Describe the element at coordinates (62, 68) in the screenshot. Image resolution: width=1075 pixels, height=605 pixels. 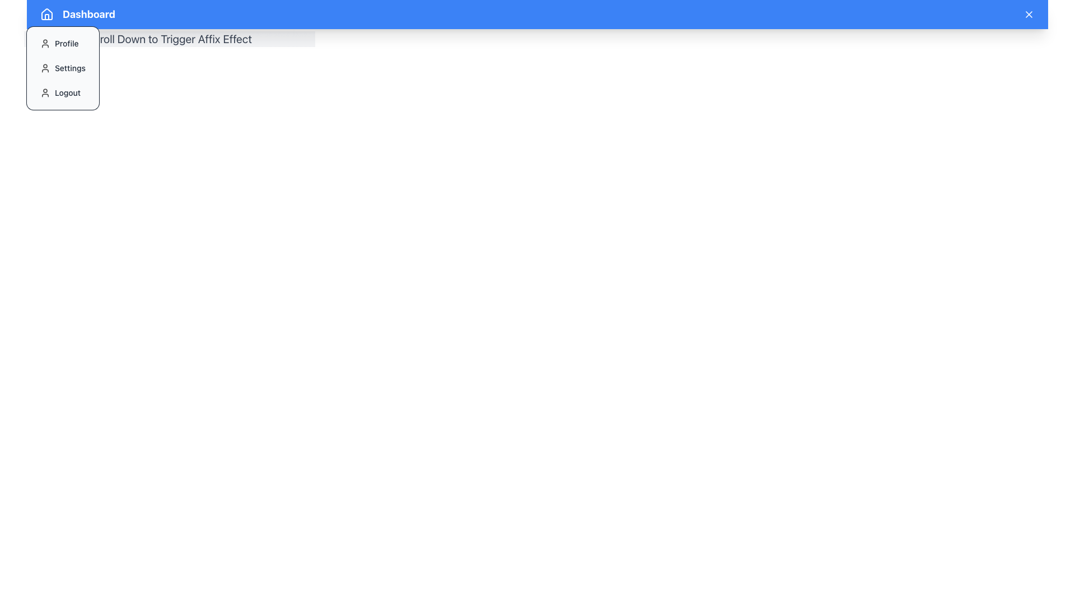
I see `the second menu item in the dropdown menu under the dashboard header` at that location.